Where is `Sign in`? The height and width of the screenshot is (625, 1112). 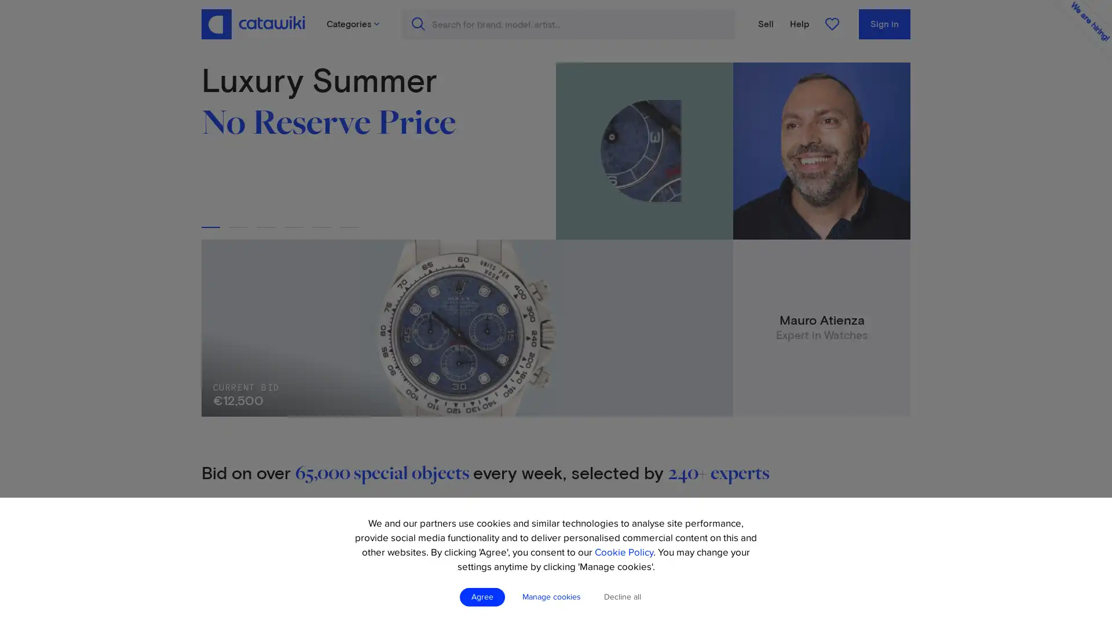 Sign in is located at coordinates (884, 24).